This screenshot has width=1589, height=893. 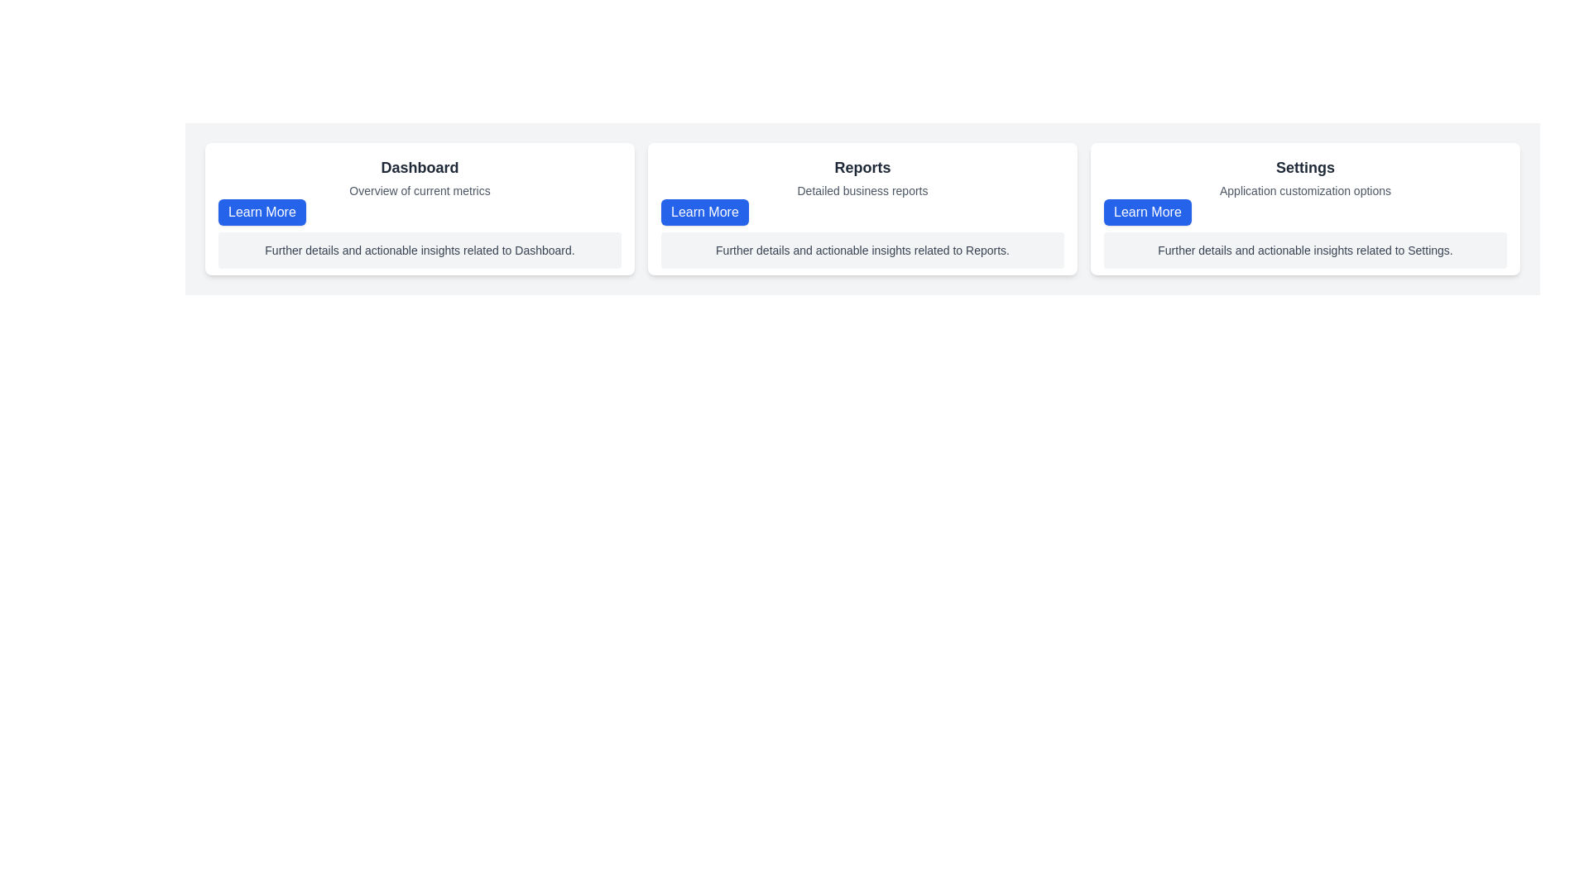 I want to click on the title text label centered in the middle card to trigger any tooltips that may appear, so click(x=862, y=168).